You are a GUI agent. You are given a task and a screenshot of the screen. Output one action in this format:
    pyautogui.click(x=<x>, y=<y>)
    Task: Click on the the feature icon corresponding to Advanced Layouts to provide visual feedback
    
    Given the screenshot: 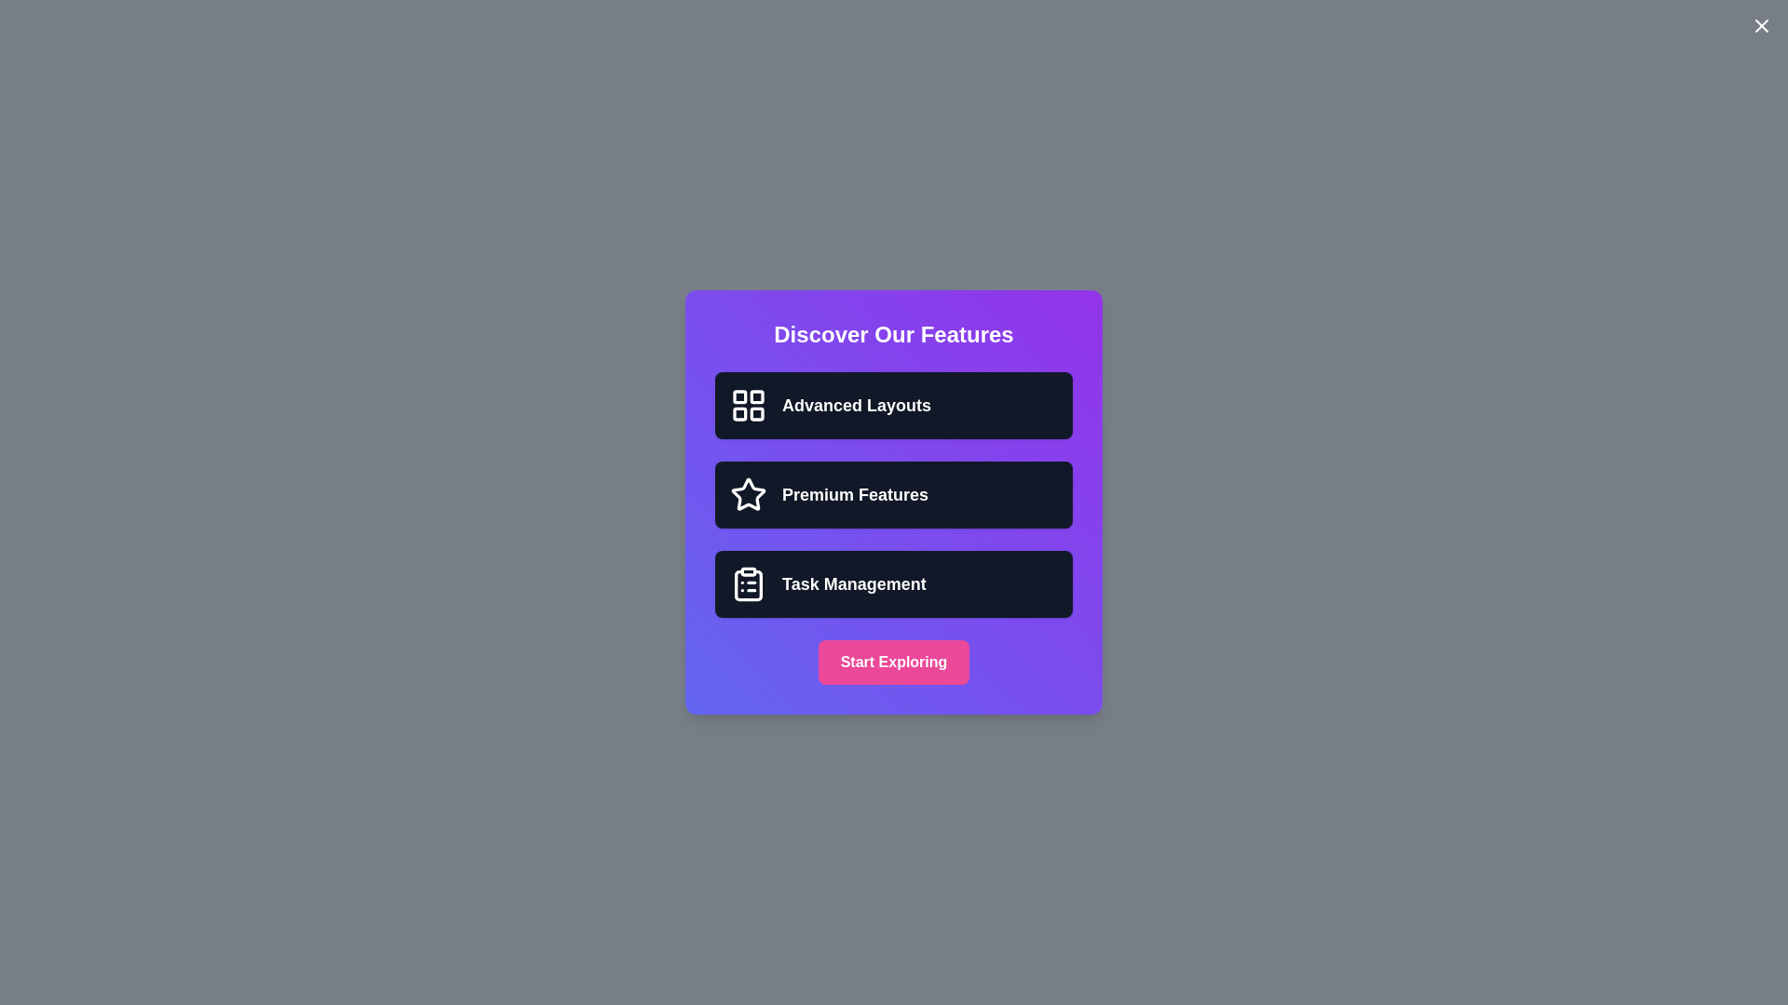 What is the action you would take?
    pyautogui.click(x=749, y=404)
    